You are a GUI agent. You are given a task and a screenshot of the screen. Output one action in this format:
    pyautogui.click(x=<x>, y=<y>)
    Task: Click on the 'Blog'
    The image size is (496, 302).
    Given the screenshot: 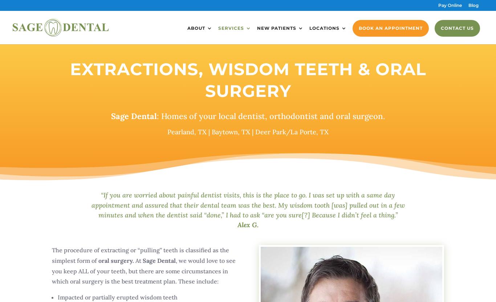 What is the action you would take?
    pyautogui.click(x=473, y=5)
    